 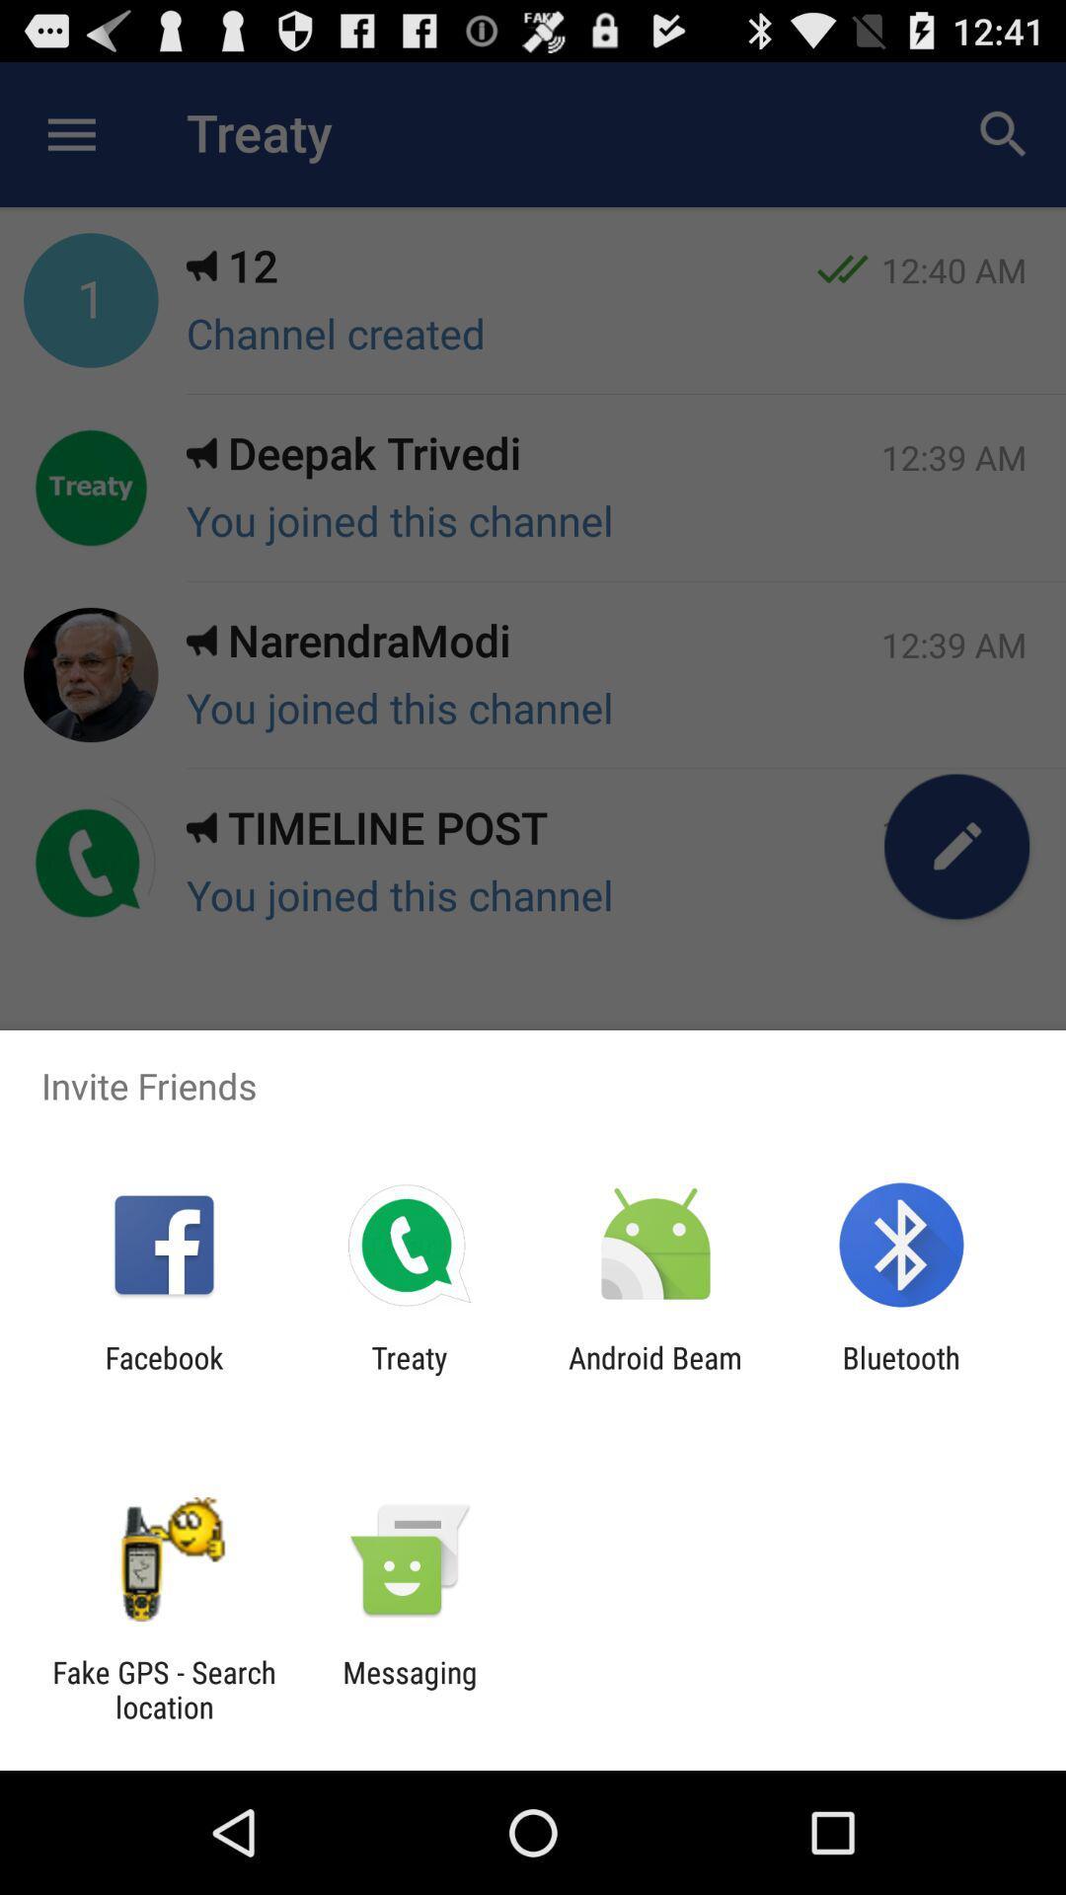 I want to click on bluetooth, so click(x=901, y=1374).